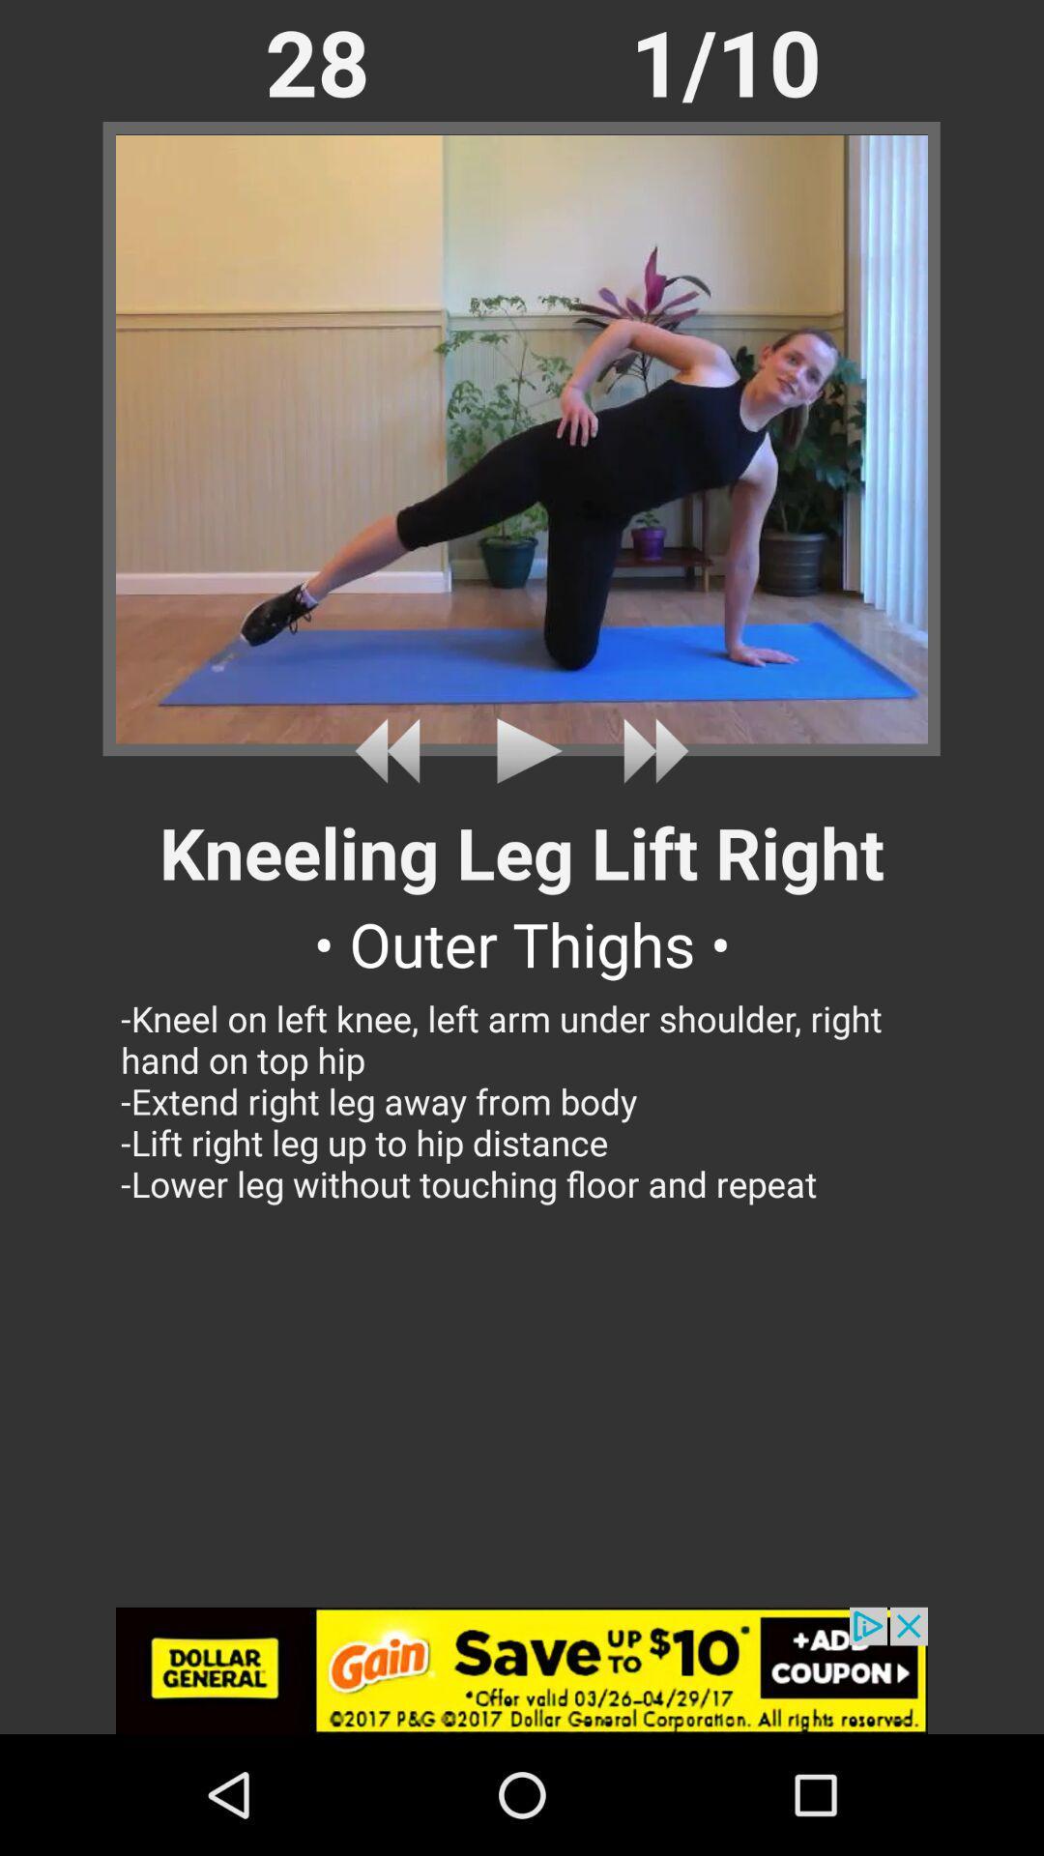 The width and height of the screenshot is (1044, 1856). I want to click on click the play button, so click(522, 750).